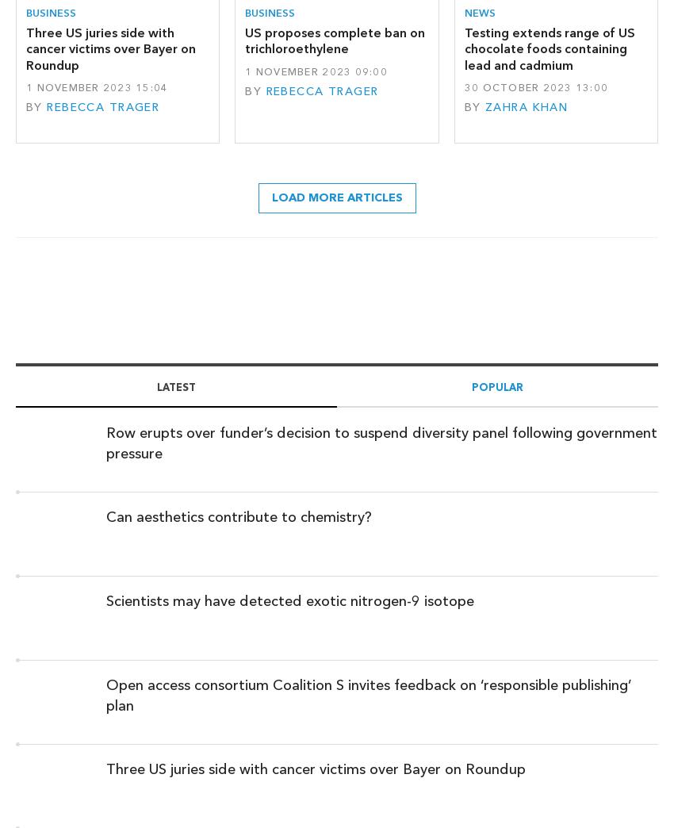 This screenshot has height=828, width=674. I want to click on 'Three US juries side with cancer victims over Bayer on Roundup', so click(110, 48).